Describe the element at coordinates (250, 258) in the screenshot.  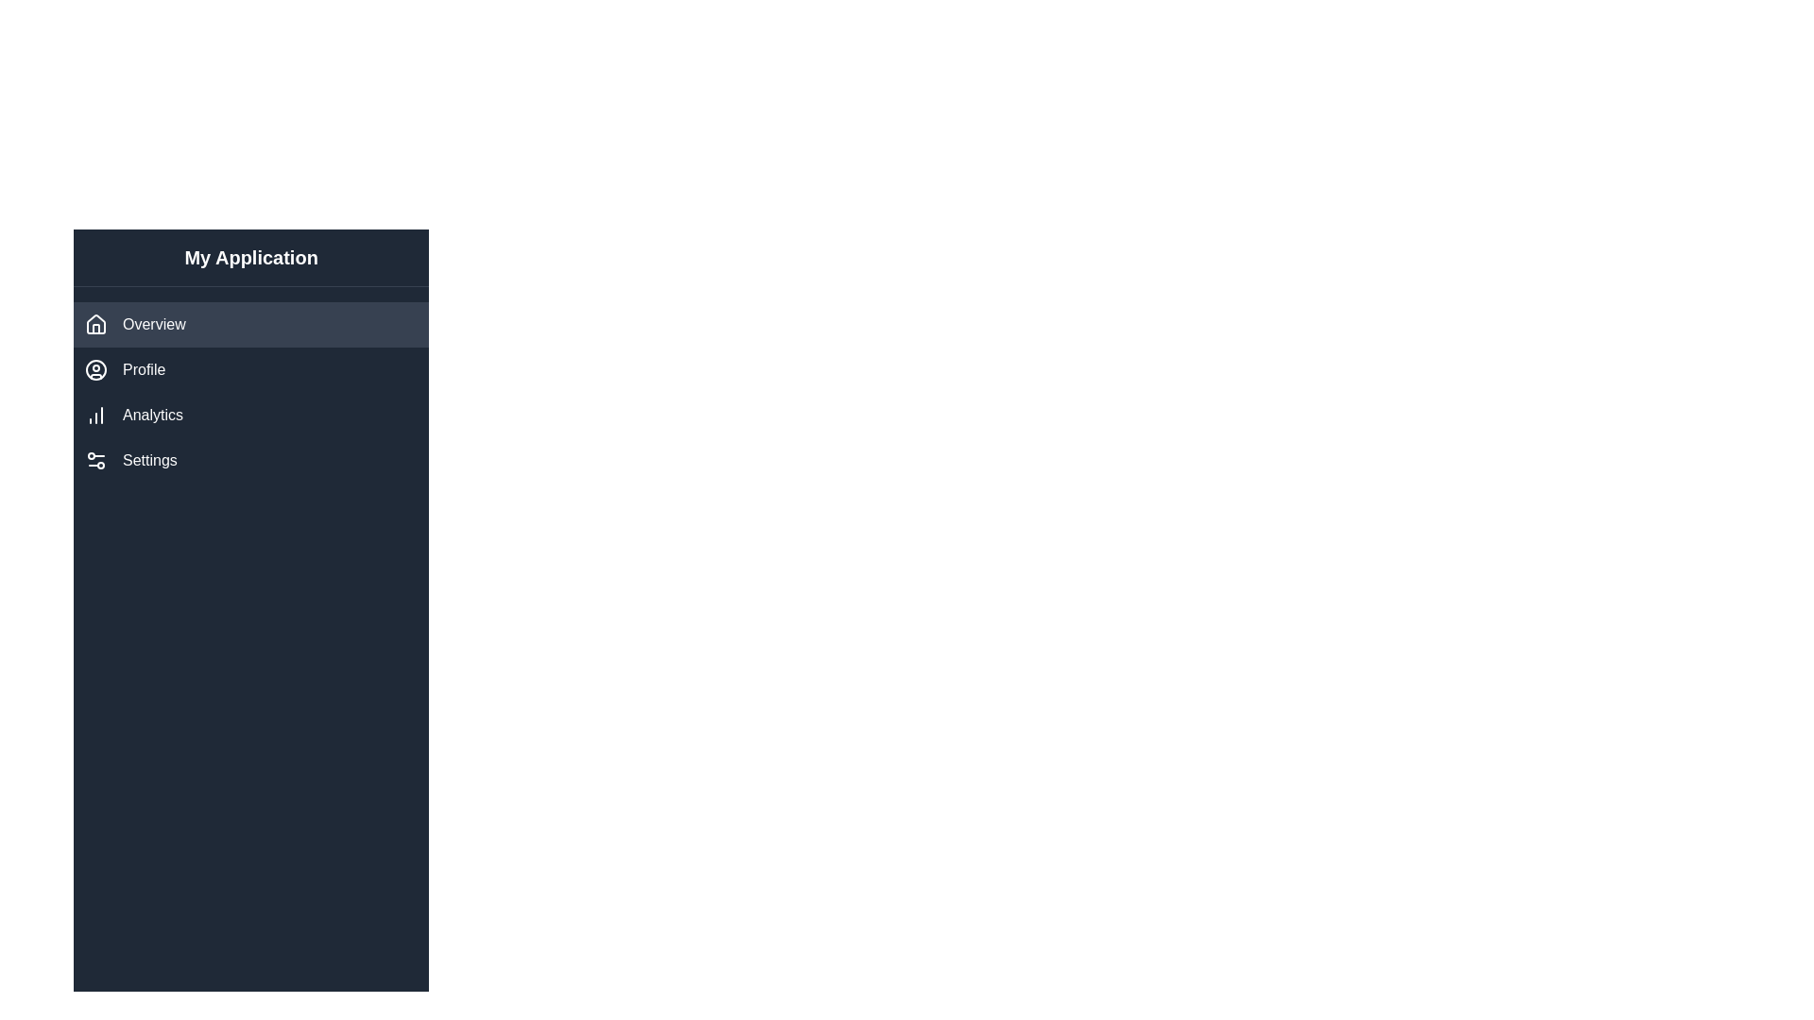
I see `the 'My Application' text label located at the top of the sidebar, which features bold text and a dark background` at that location.